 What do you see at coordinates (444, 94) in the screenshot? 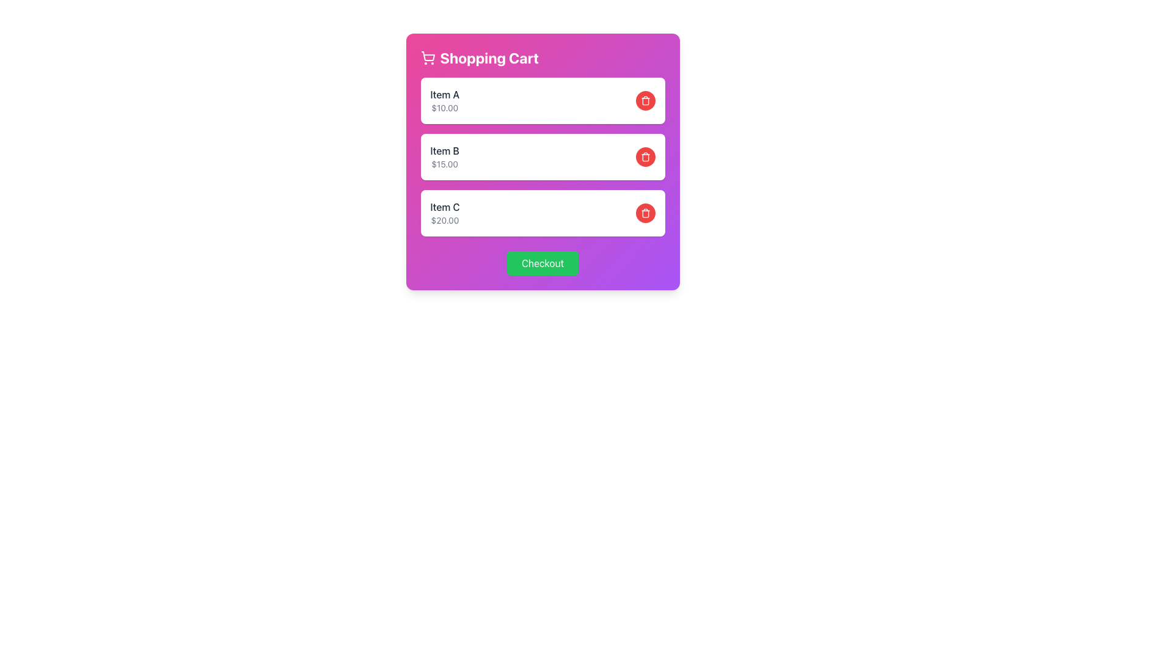
I see `the text label displaying 'Item A' in gray color, located at the top left of the shopping cart panel, above the price '$10.00'` at bounding box center [444, 94].